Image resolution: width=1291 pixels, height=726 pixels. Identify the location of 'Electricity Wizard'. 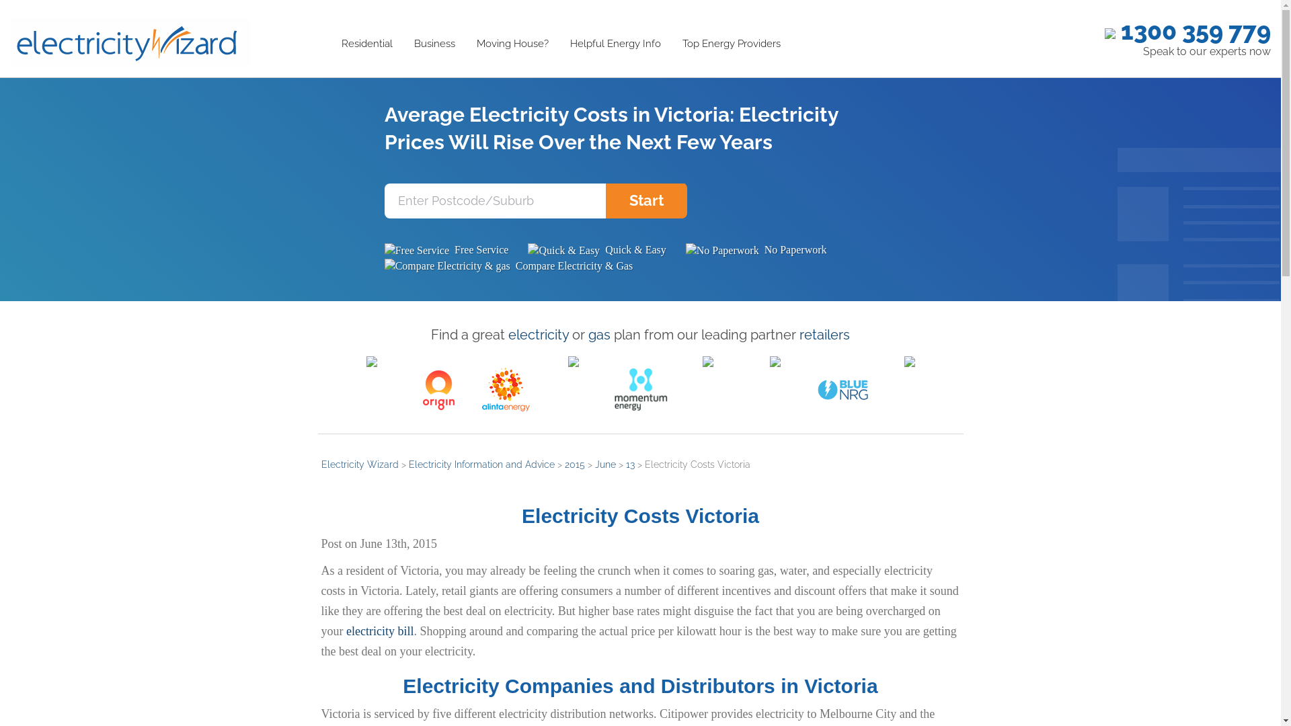
(360, 463).